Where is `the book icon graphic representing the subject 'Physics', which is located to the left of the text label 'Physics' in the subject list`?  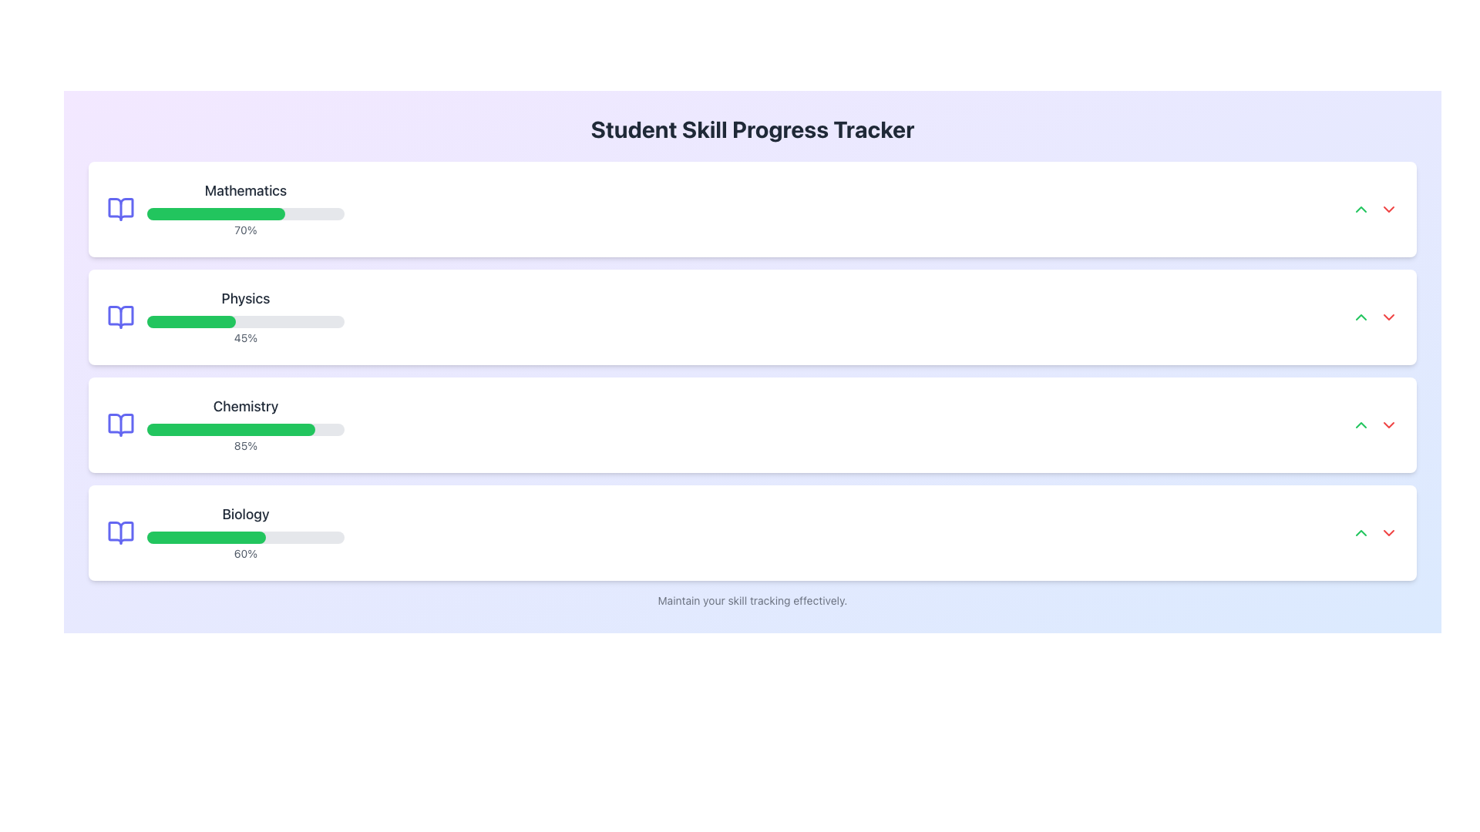
the book icon graphic representing the subject 'Physics', which is located to the left of the text label 'Physics' in the subject list is located at coordinates (120, 317).